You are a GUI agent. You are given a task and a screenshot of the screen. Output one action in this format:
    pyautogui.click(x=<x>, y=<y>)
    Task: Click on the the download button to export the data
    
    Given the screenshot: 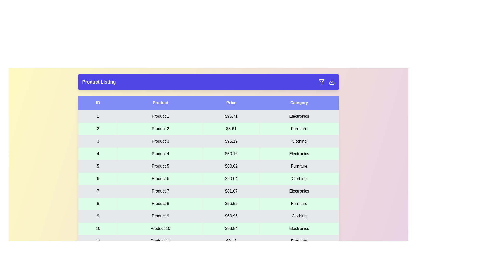 What is the action you would take?
    pyautogui.click(x=332, y=81)
    